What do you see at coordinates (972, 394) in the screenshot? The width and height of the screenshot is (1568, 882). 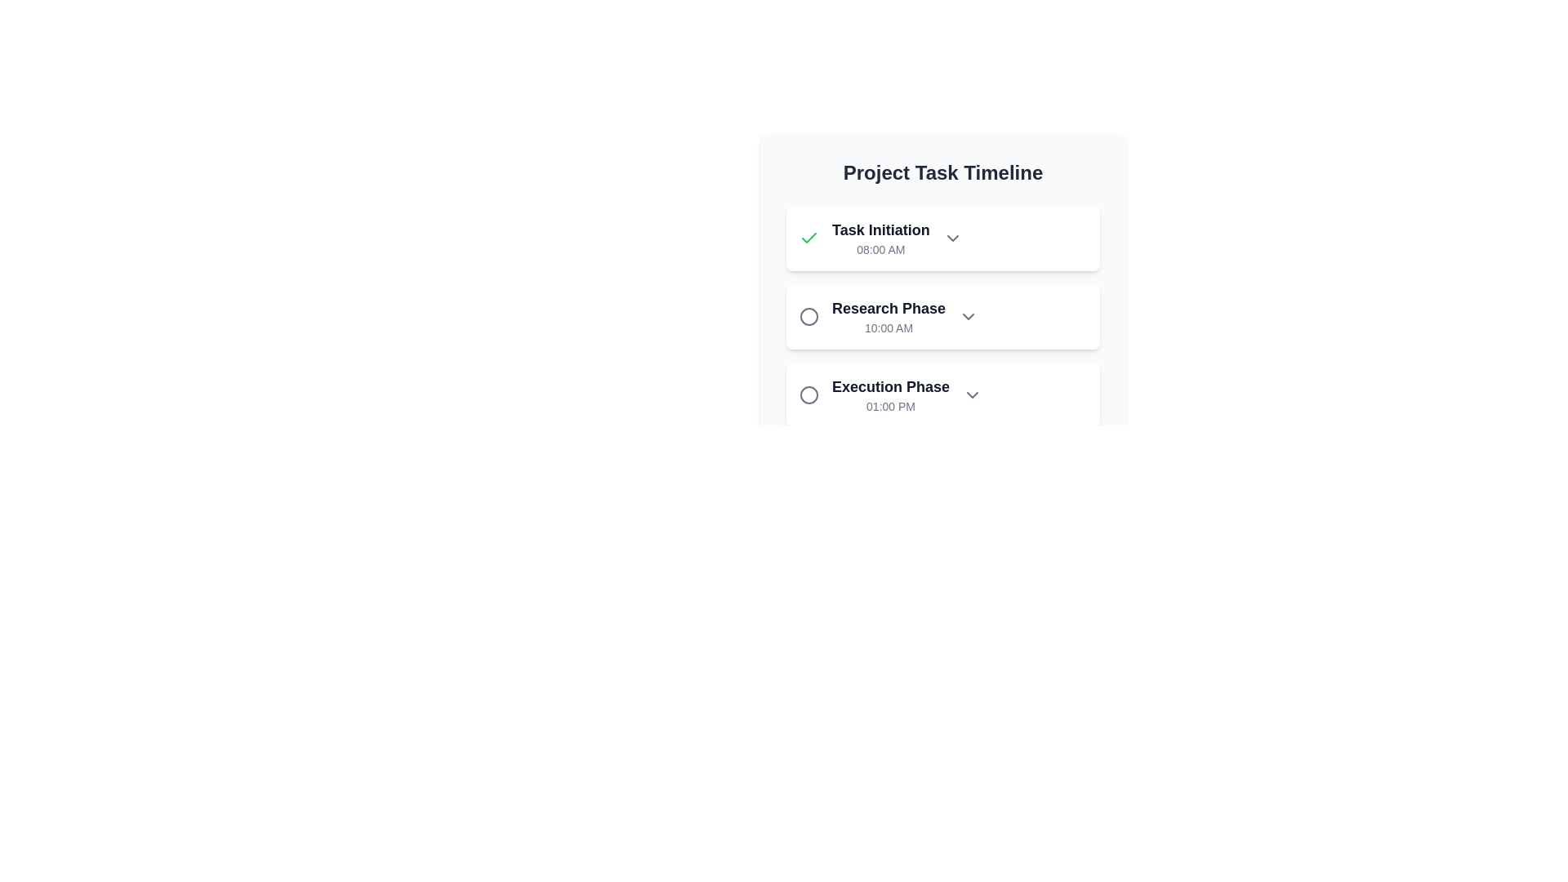 I see `the Dropdown Toggle Icon located to the right of the 'Execution Phase' text in the timeline list` at bounding box center [972, 394].